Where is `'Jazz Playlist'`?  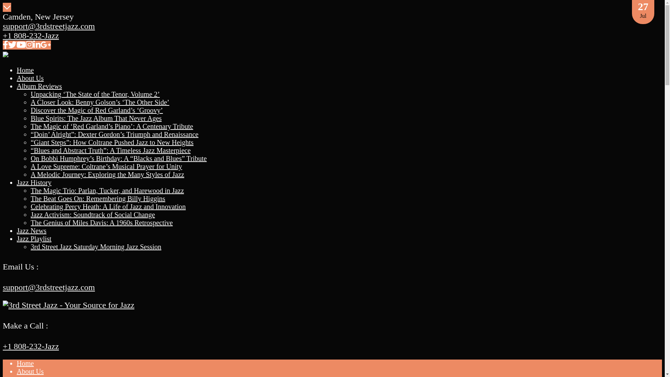
'Jazz Playlist' is located at coordinates (17, 238).